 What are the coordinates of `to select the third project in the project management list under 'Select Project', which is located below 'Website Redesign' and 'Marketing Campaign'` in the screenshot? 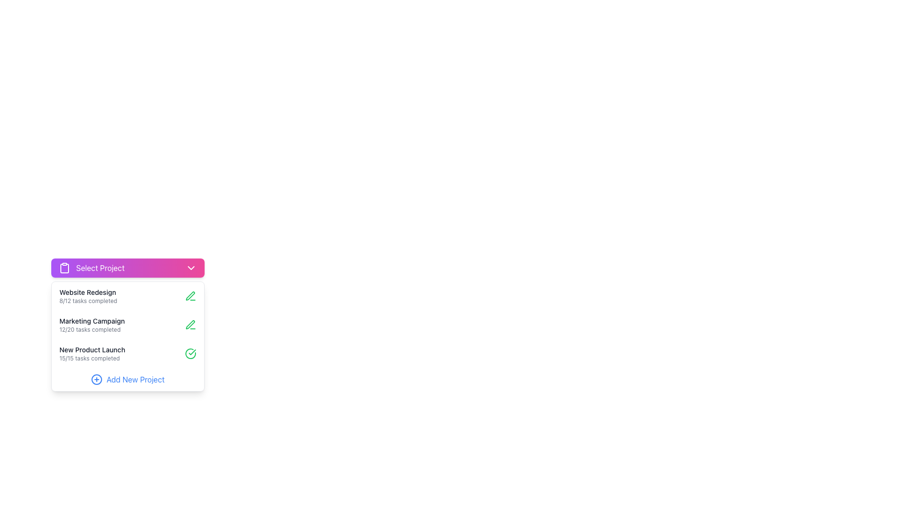 It's located at (127, 354).